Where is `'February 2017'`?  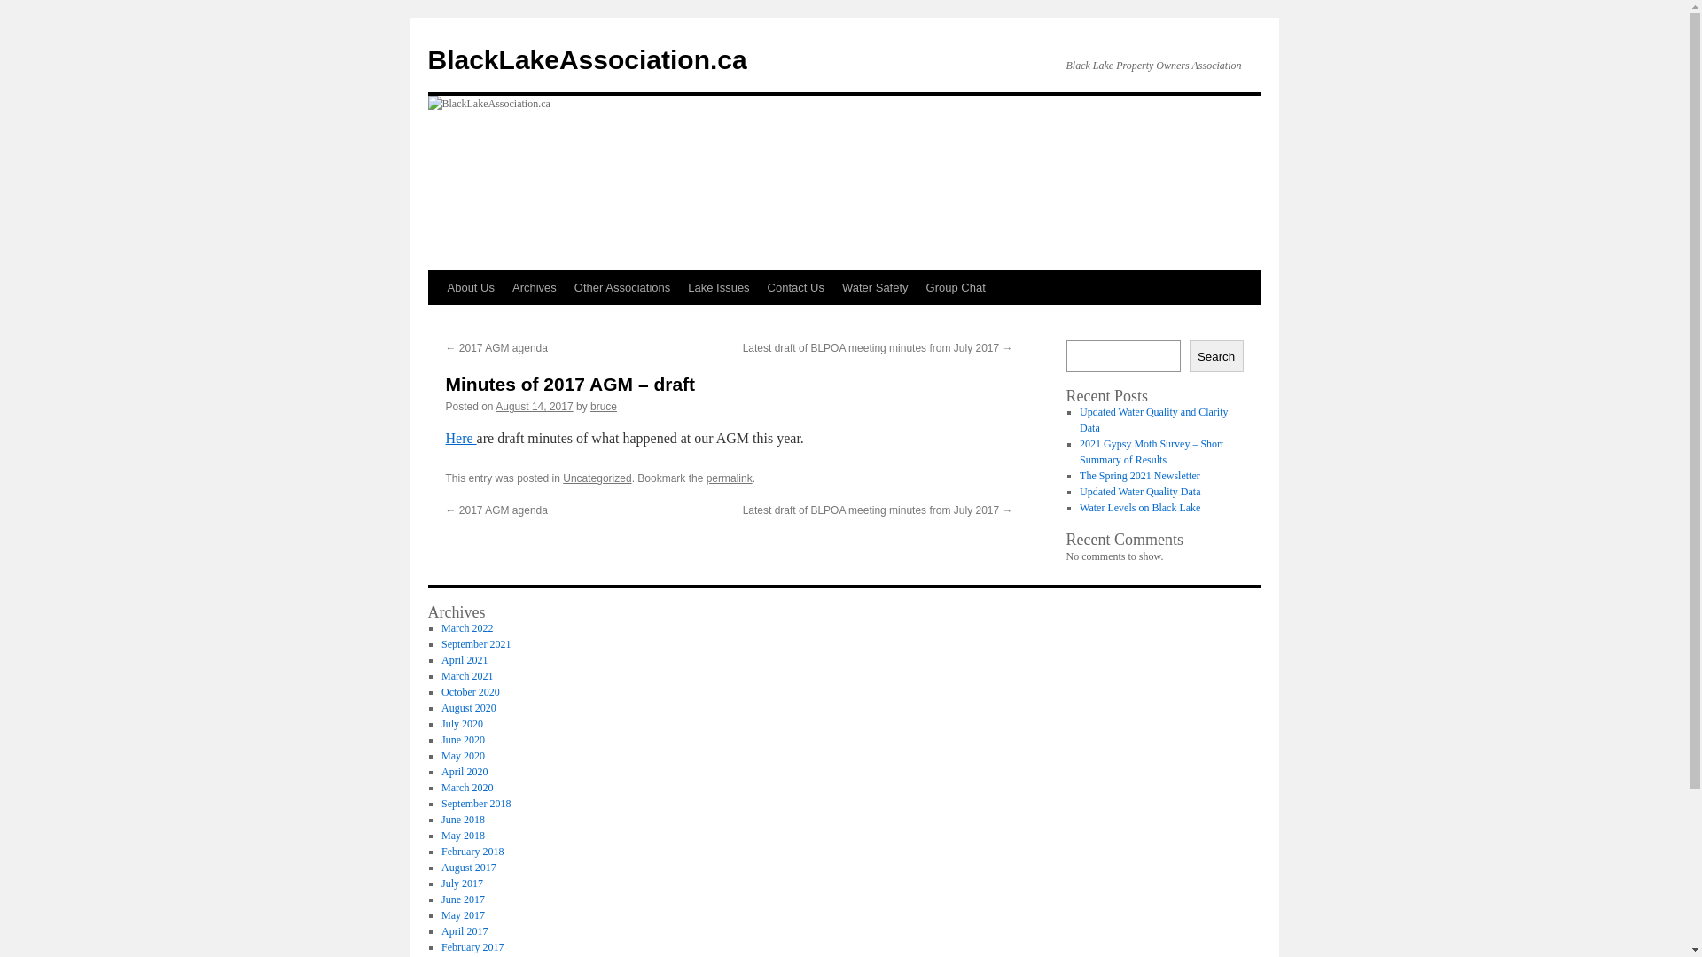
'February 2017' is located at coordinates (472, 945).